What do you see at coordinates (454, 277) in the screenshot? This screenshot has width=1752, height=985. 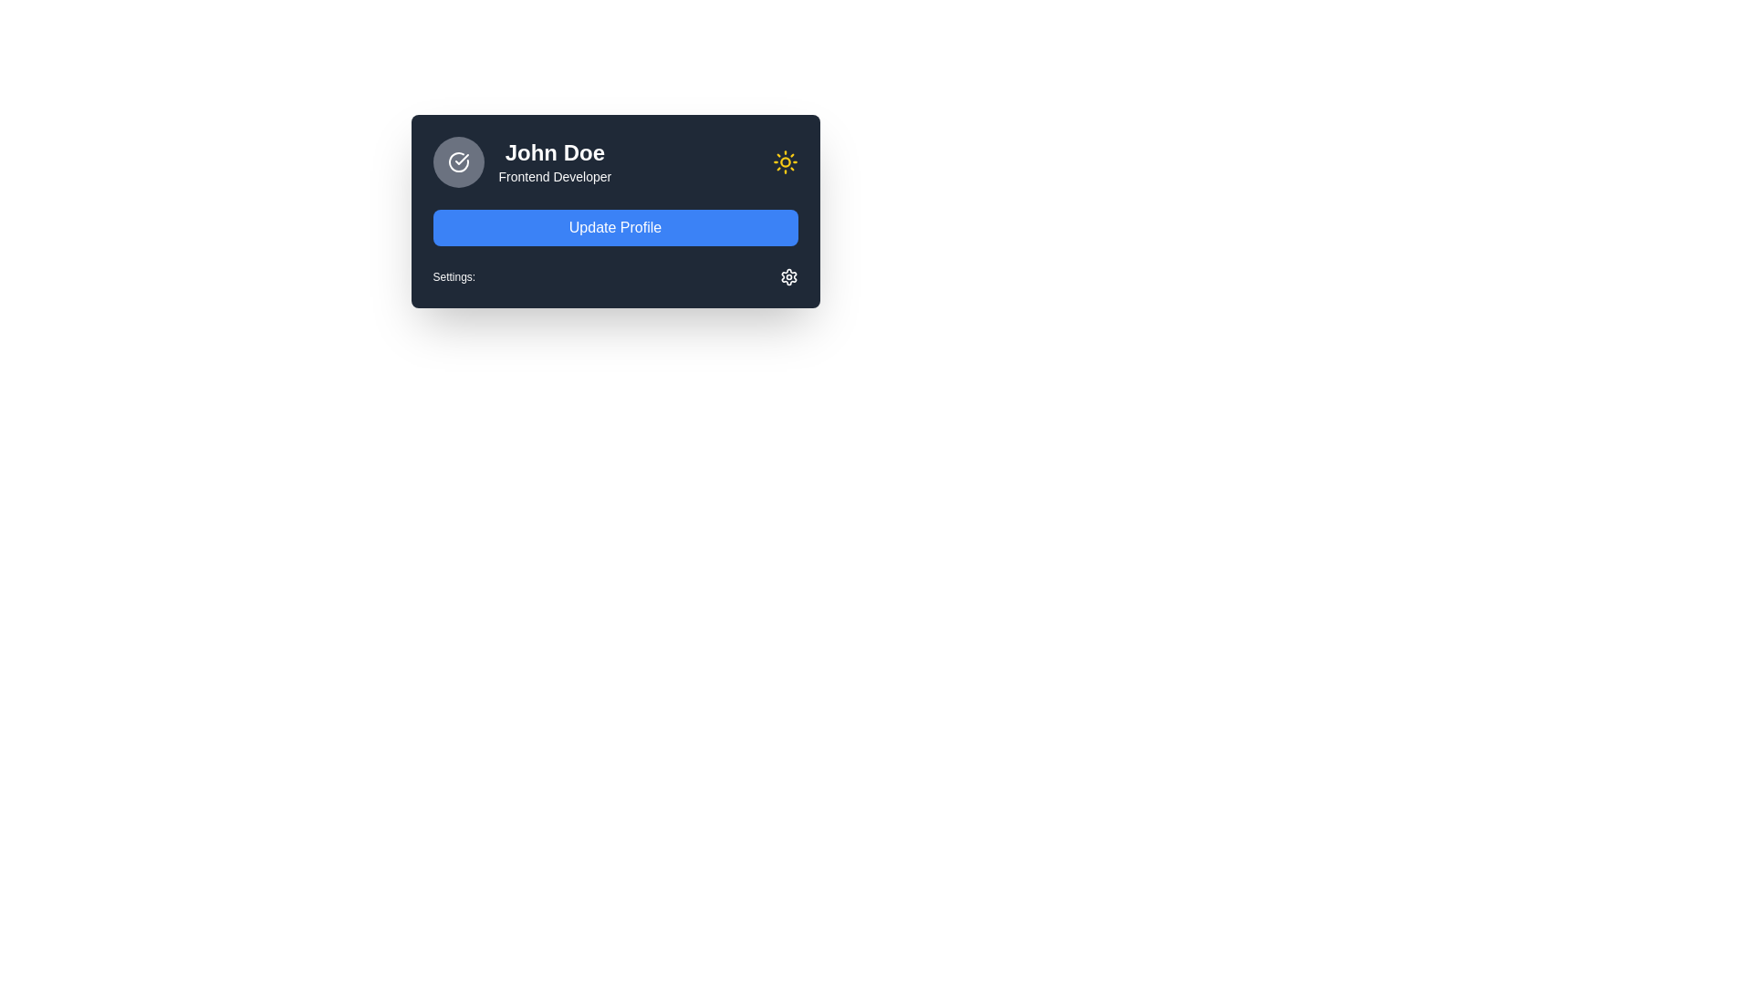 I see `the text label displaying 'Settings:' located in the dark-shaded section of the interface, positioned near the bottom-left side of the card-like layout` at bounding box center [454, 277].